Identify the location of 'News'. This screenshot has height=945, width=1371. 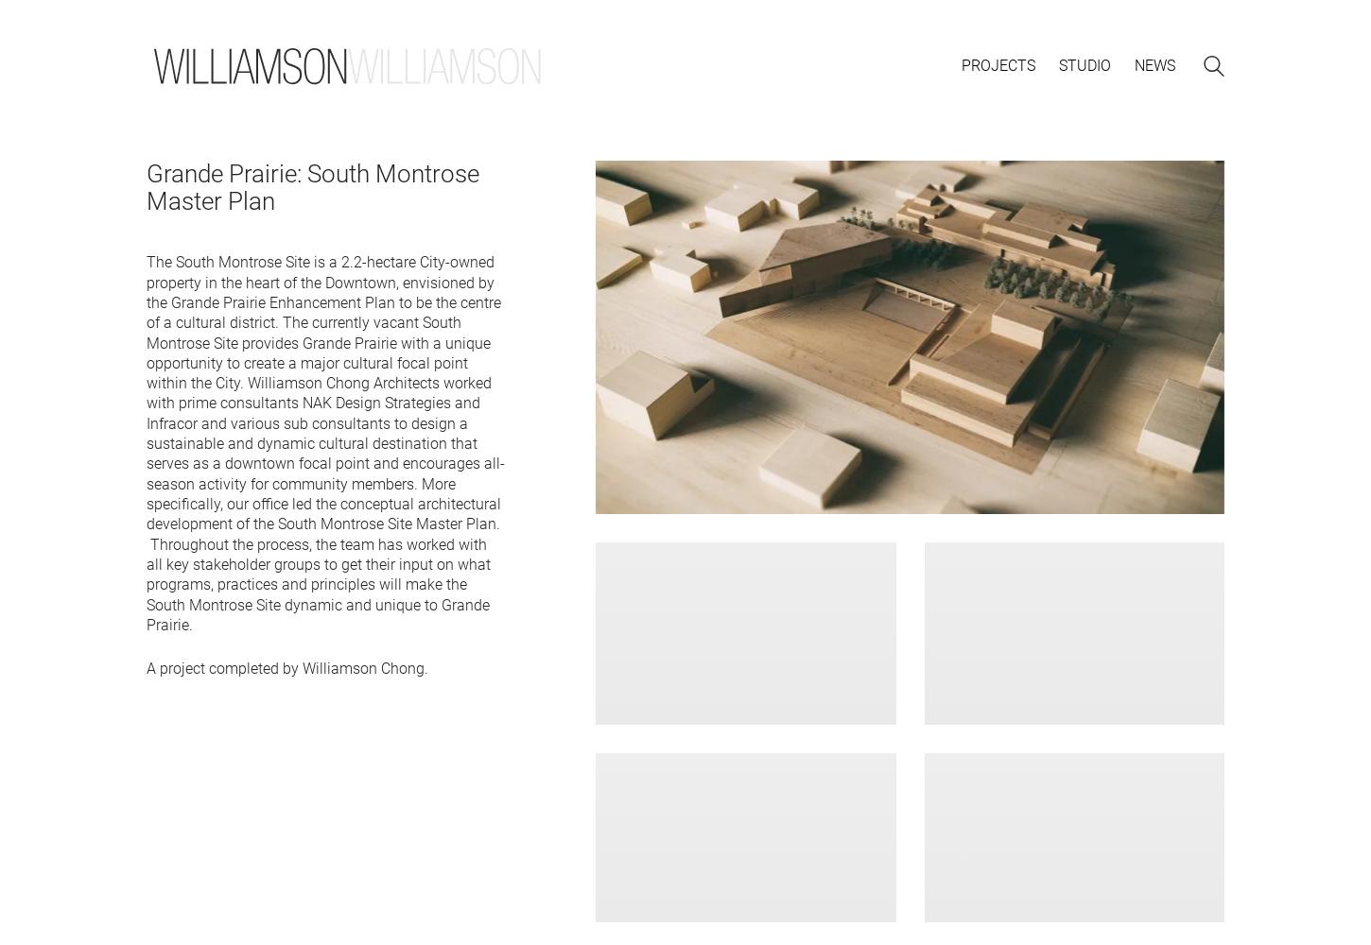
(1134, 64).